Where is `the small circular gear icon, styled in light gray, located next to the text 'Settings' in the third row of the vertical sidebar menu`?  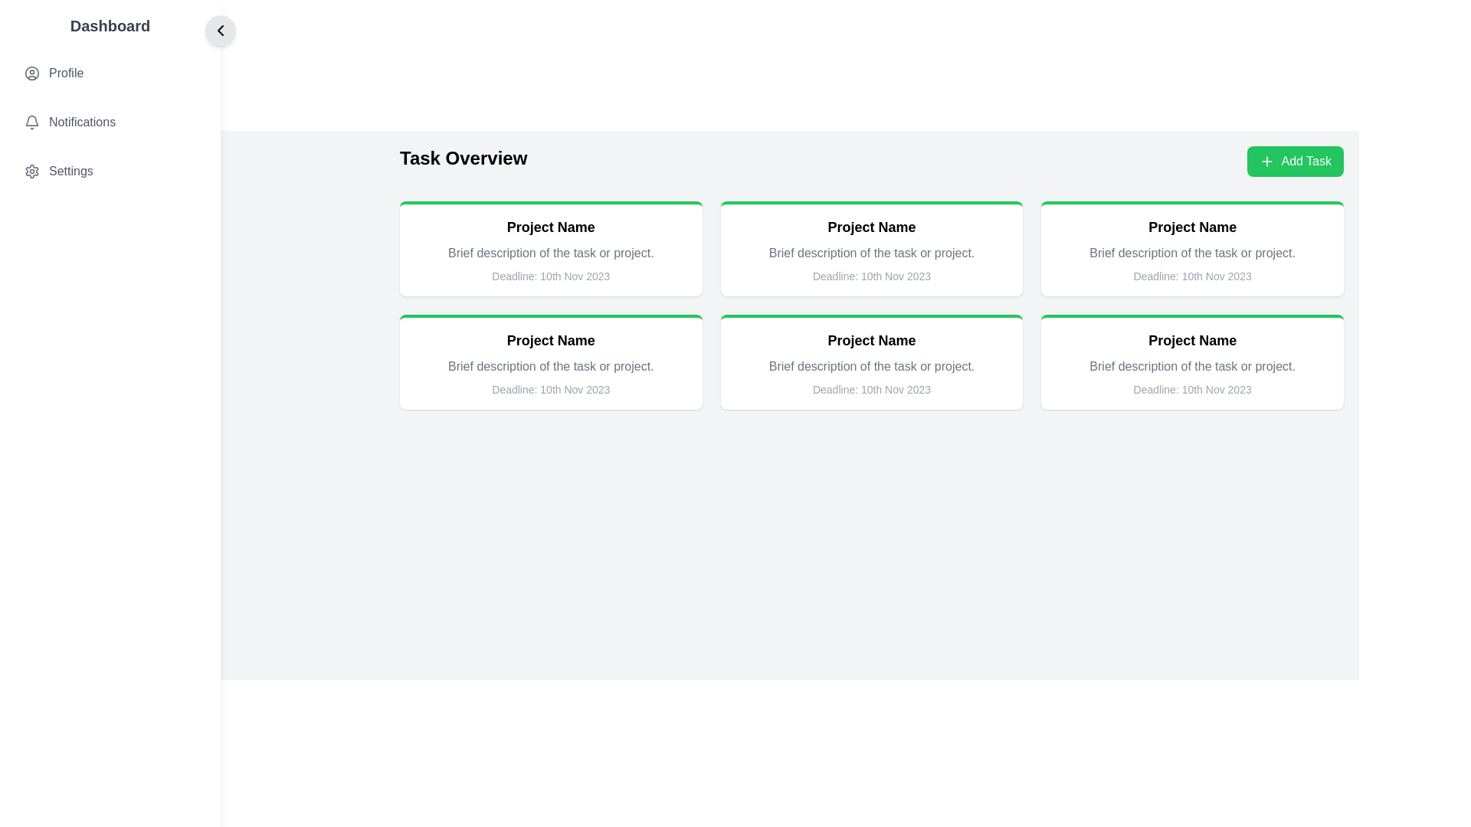
the small circular gear icon, styled in light gray, located next to the text 'Settings' in the third row of the vertical sidebar menu is located at coordinates (32, 171).